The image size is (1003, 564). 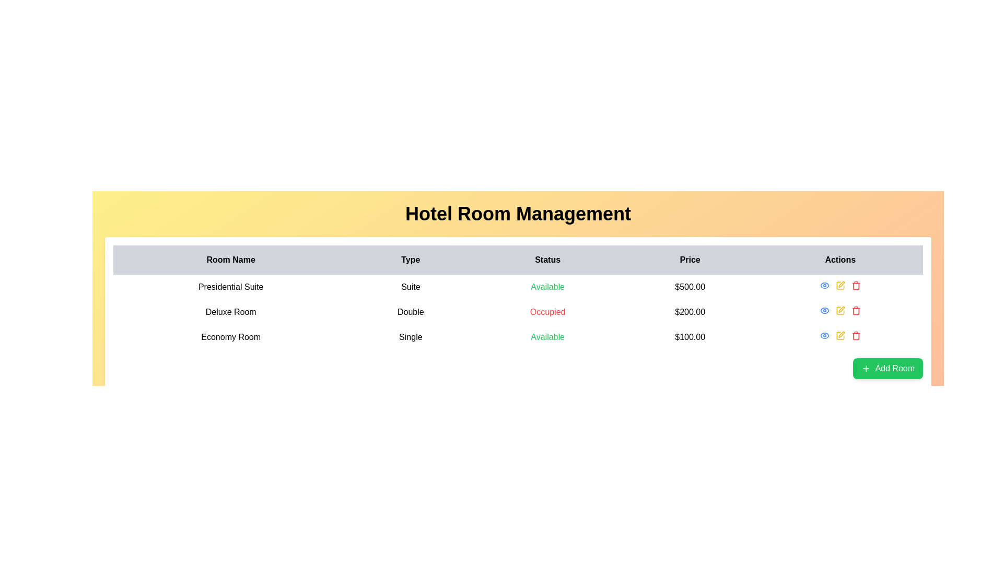 What do you see at coordinates (841, 309) in the screenshot?
I see `the edit action icon for the 'Deluxe Room', which is the second icon in the Actions column of the second row in the table` at bounding box center [841, 309].